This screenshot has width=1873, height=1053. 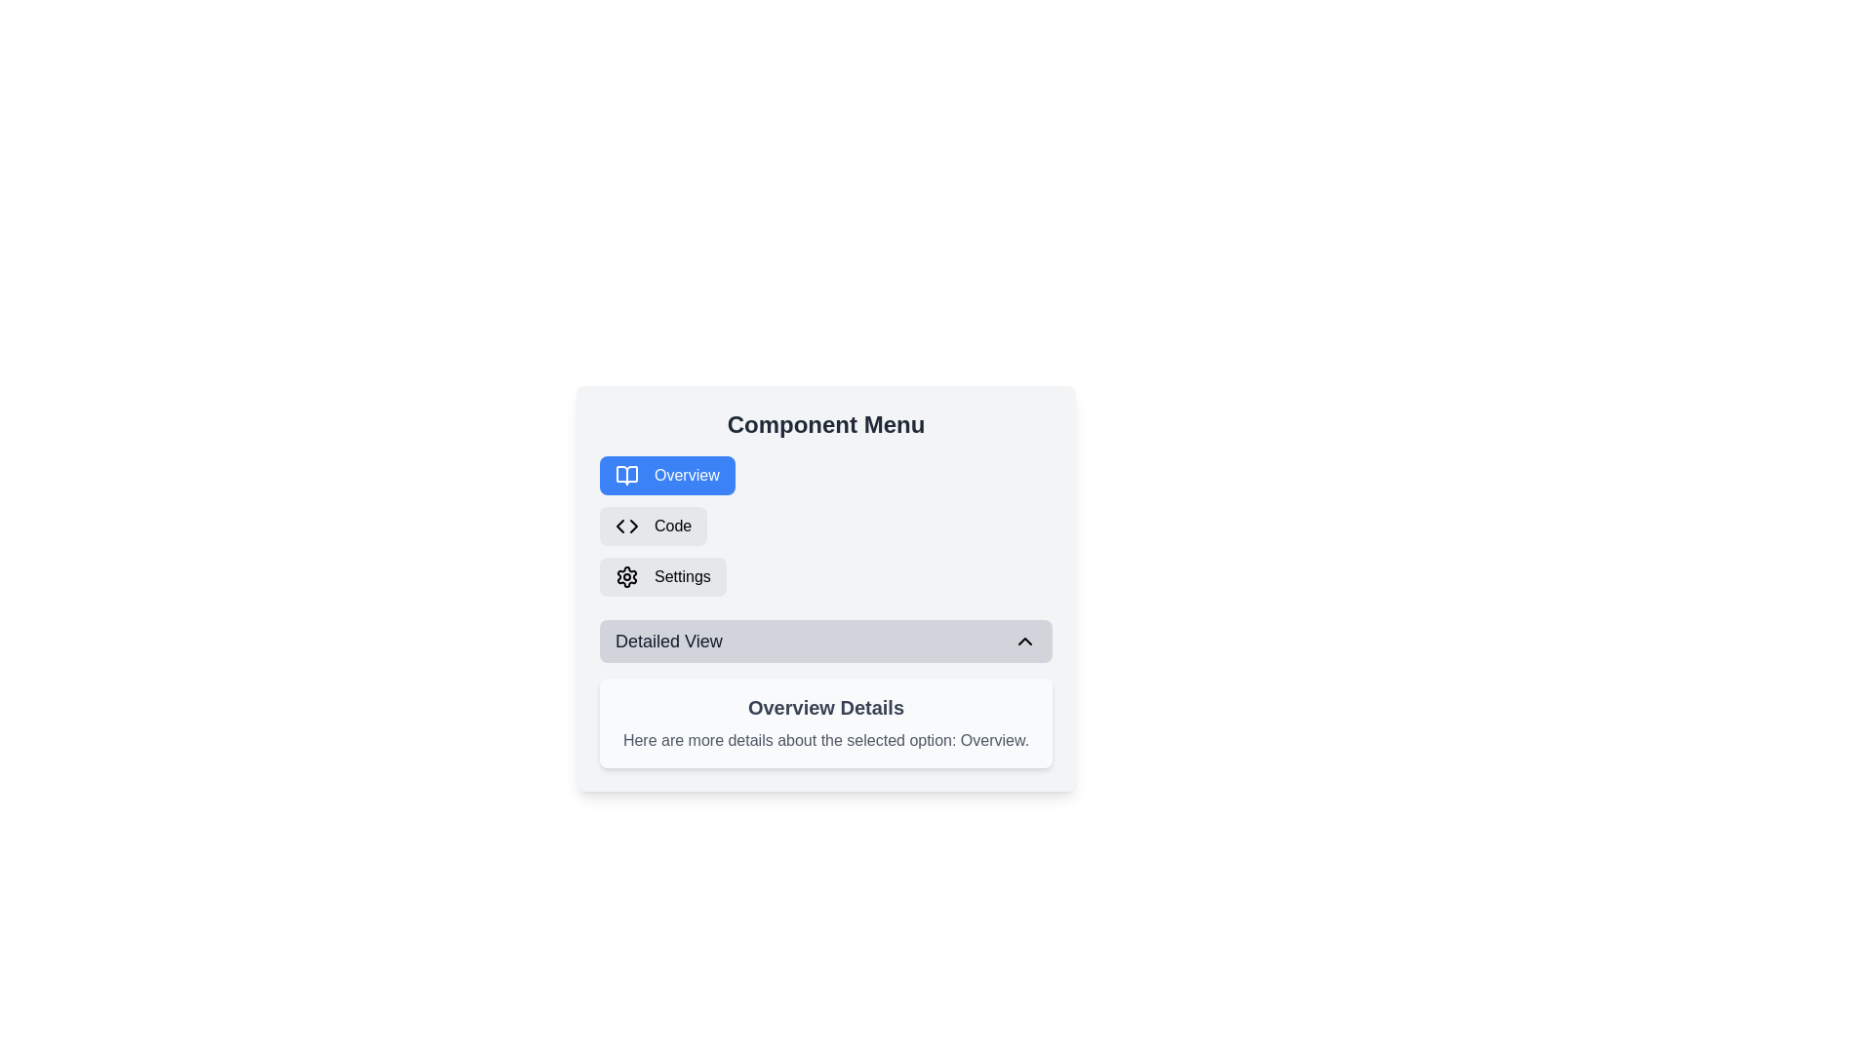 What do you see at coordinates (627, 575) in the screenshot?
I see `the gear-shaped icon representing settings in the vertical menu` at bounding box center [627, 575].